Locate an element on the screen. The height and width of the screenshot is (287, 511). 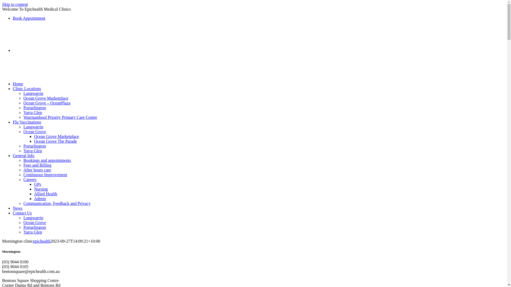
'Flu Vaccinations' is located at coordinates (27, 122).